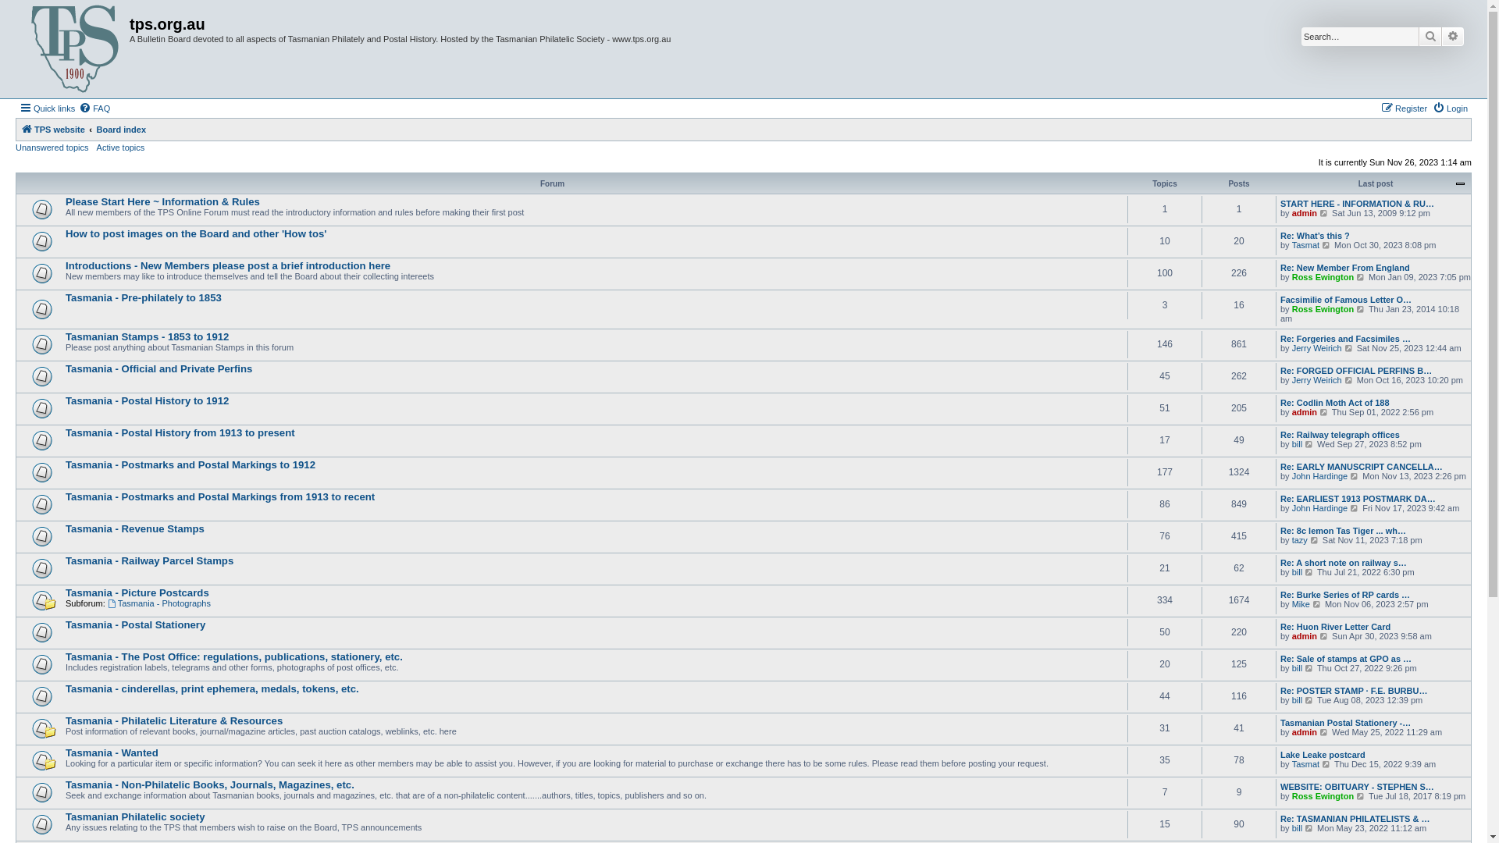  I want to click on 'John Hardinge', so click(1292, 475).